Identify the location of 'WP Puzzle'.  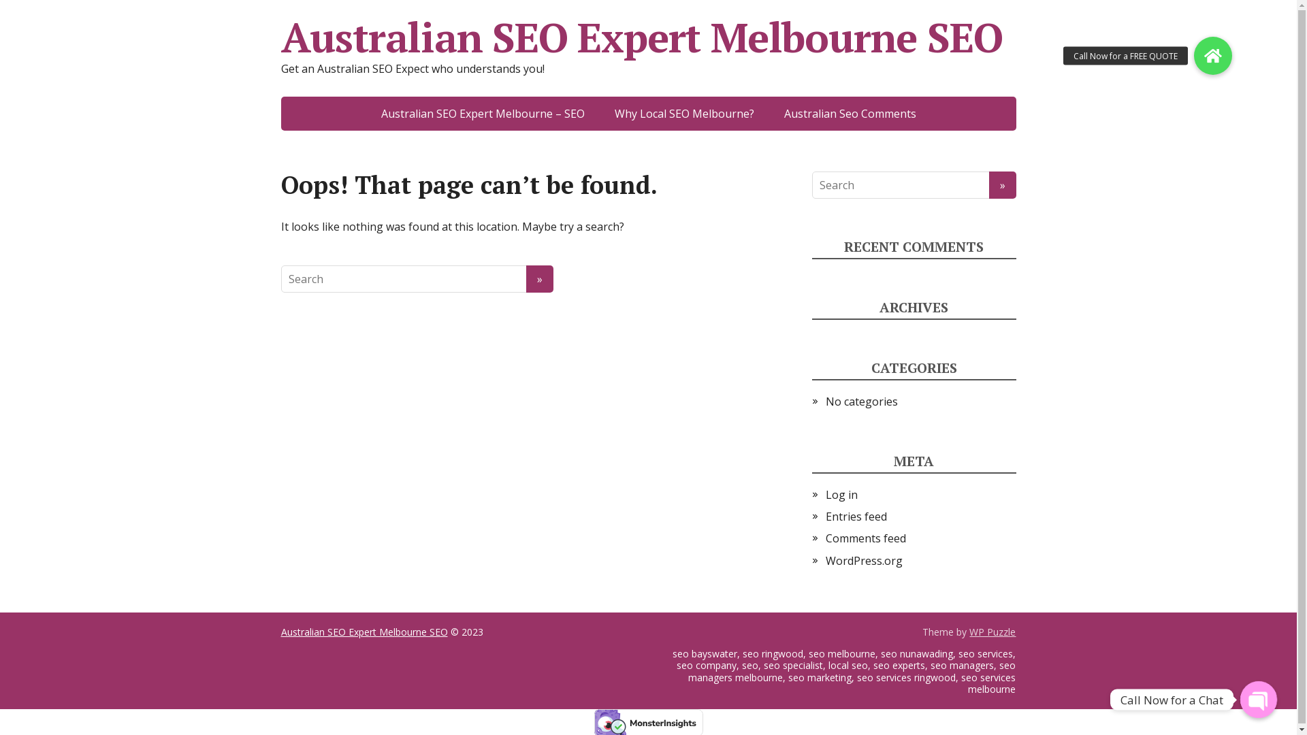
(993, 632).